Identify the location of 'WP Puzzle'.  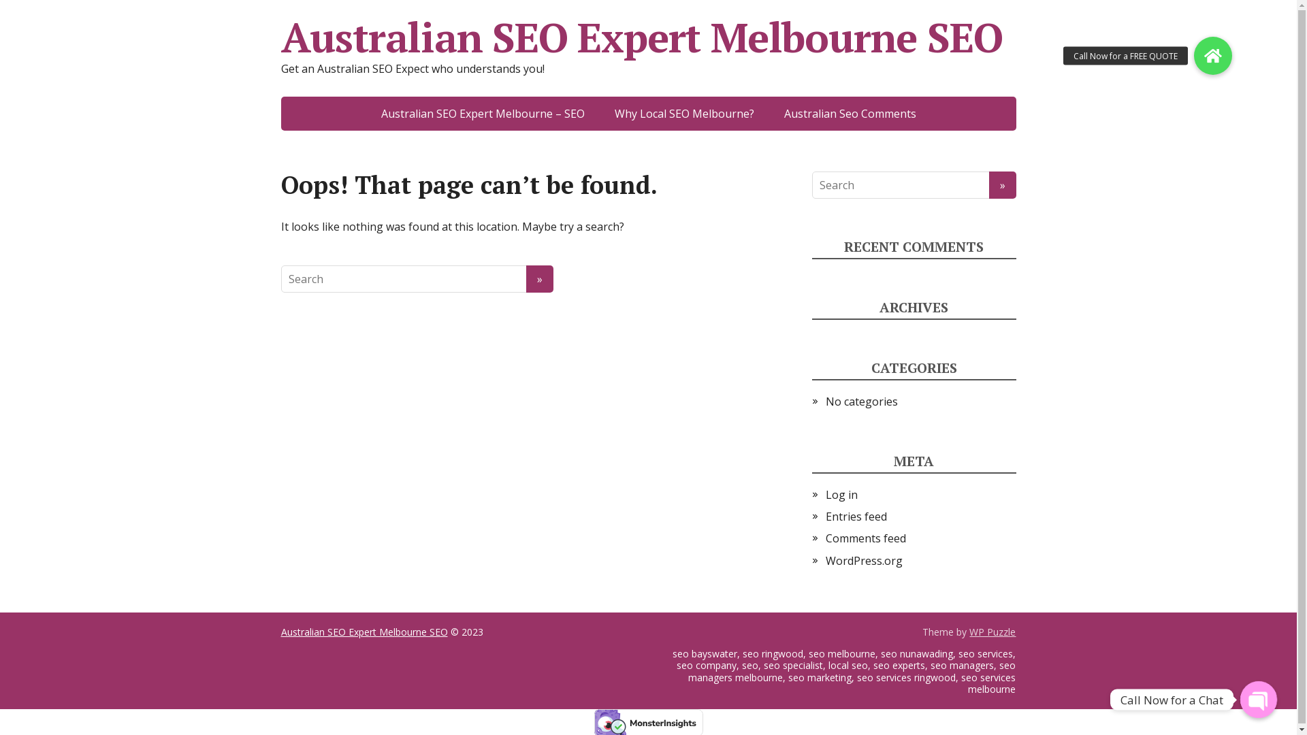
(993, 632).